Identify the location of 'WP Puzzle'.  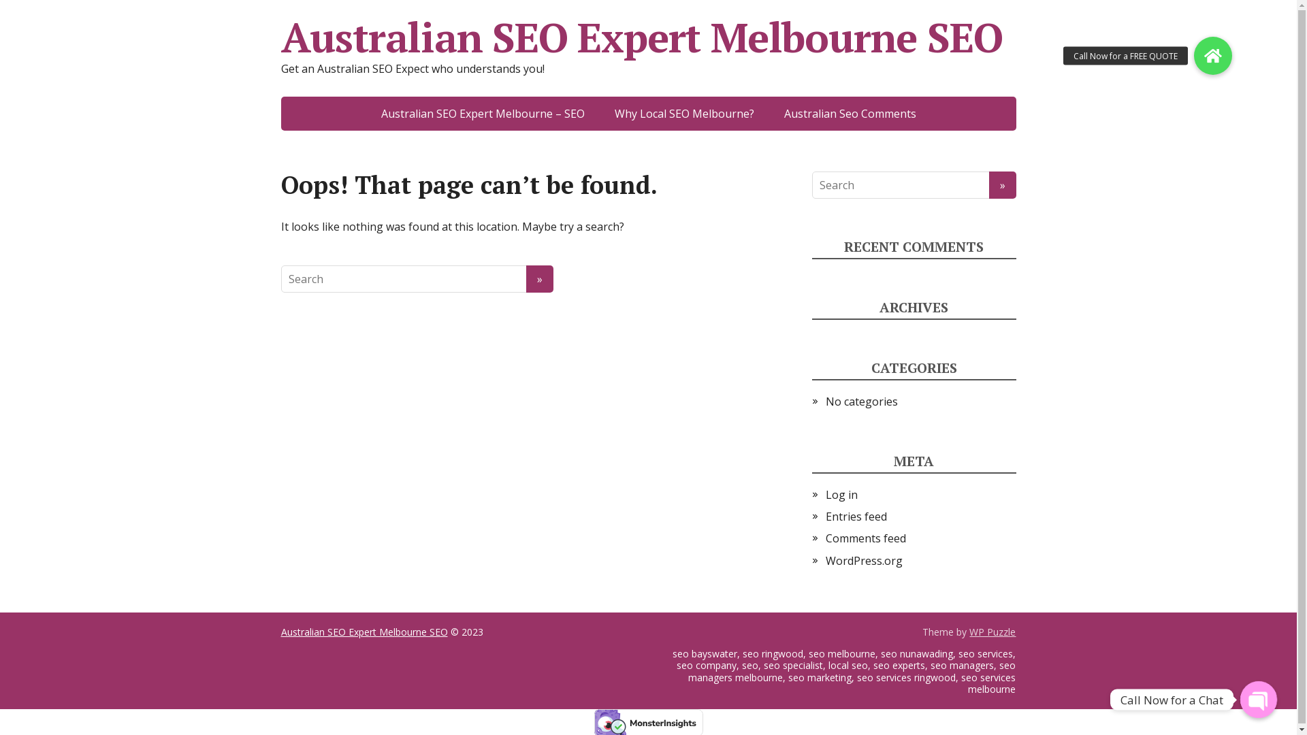
(993, 632).